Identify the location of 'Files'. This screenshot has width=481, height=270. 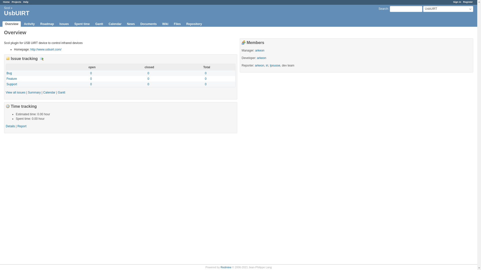
(177, 24).